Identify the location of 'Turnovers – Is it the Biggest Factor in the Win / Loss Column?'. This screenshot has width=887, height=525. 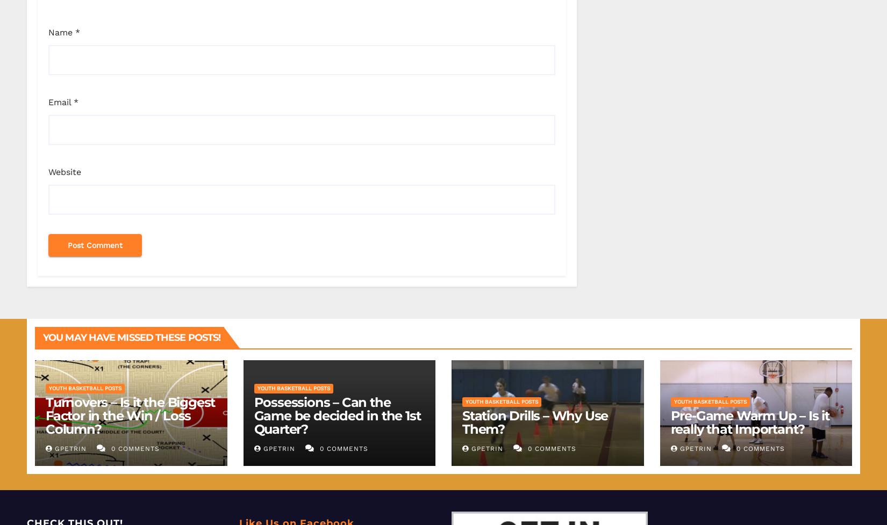
(130, 414).